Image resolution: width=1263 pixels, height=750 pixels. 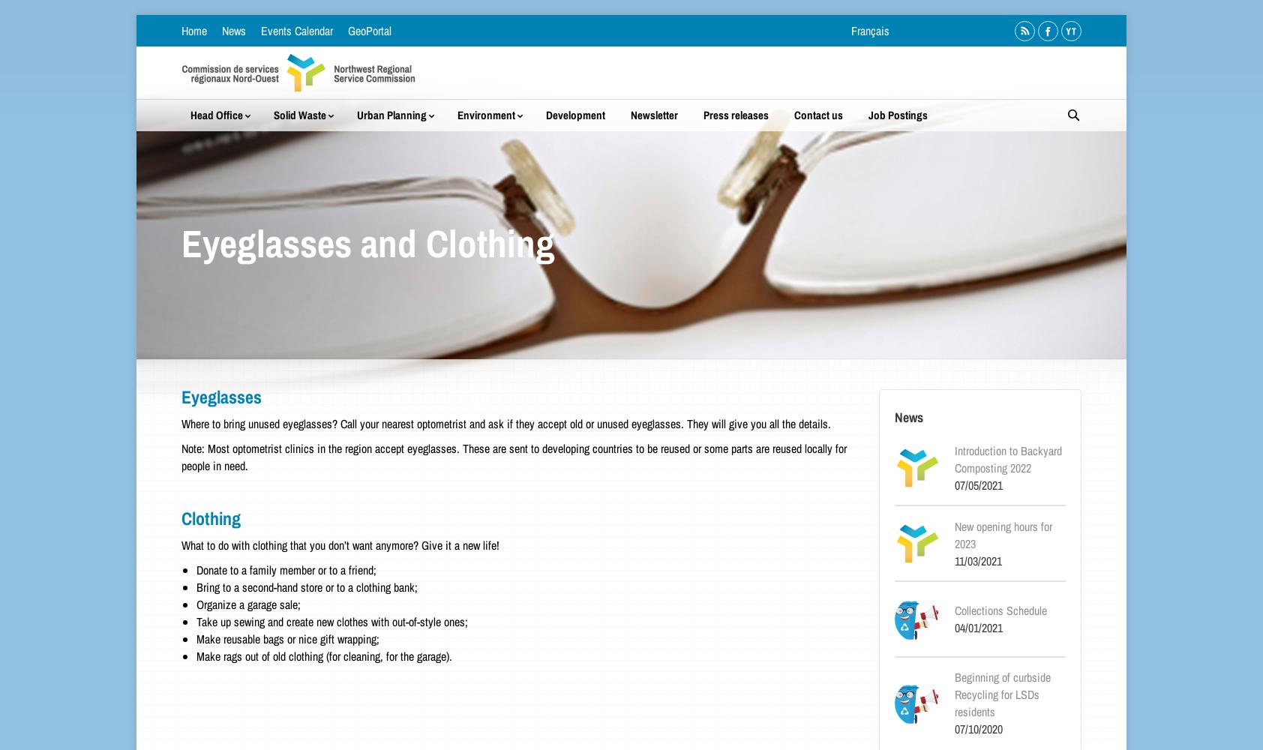 I want to click on 'Contact us', so click(x=817, y=115).